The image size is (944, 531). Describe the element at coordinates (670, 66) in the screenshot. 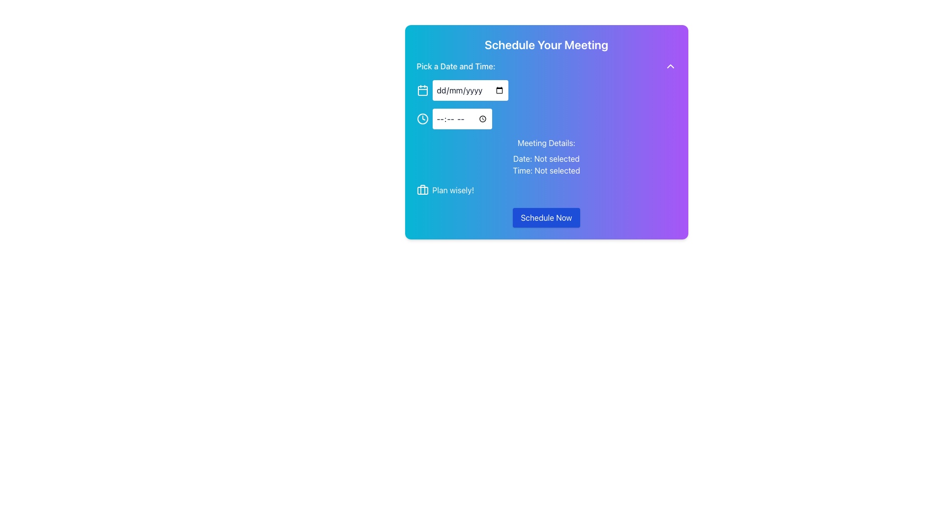

I see `the upward chevron button located to the right of the text 'Pick a Date and Time:'` at that location.